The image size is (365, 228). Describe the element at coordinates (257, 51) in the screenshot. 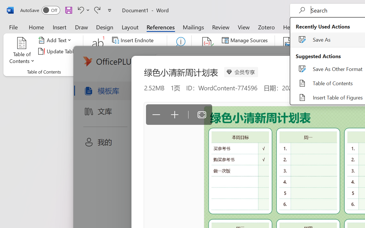

I see `'Style'` at that location.